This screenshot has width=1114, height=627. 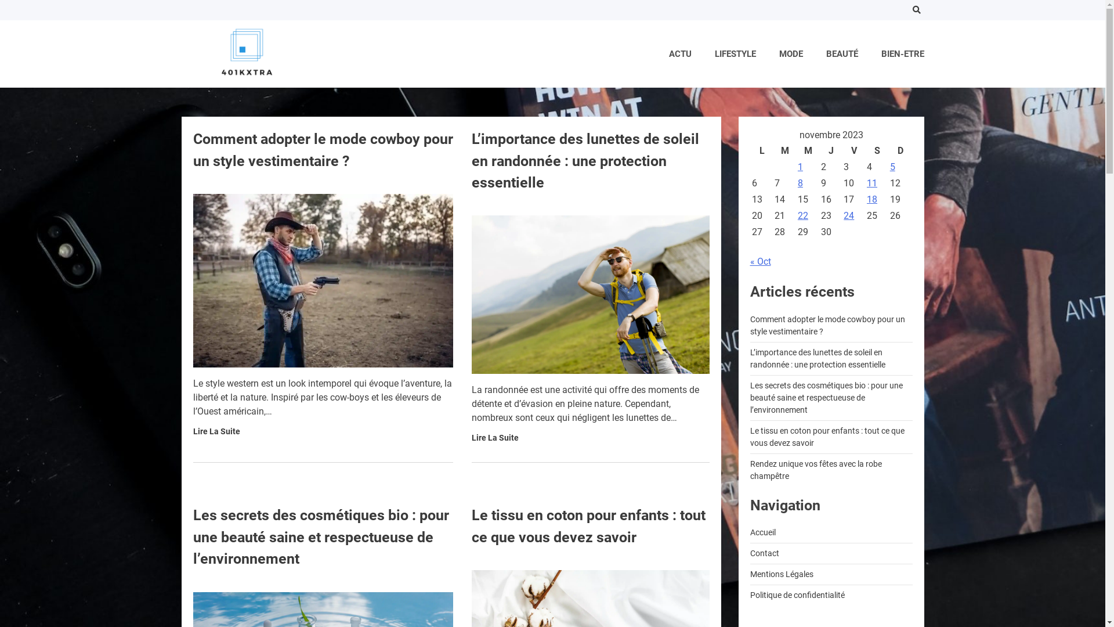 I want to click on 'Accueil', so click(x=762, y=532).